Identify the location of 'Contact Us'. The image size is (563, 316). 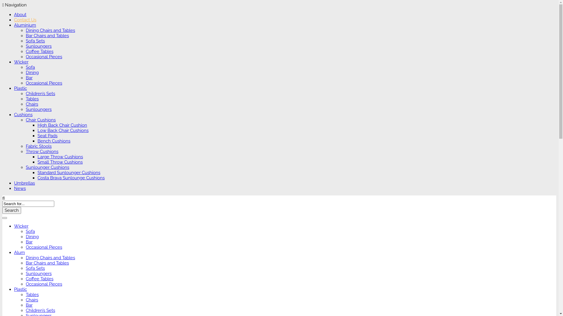
(14, 20).